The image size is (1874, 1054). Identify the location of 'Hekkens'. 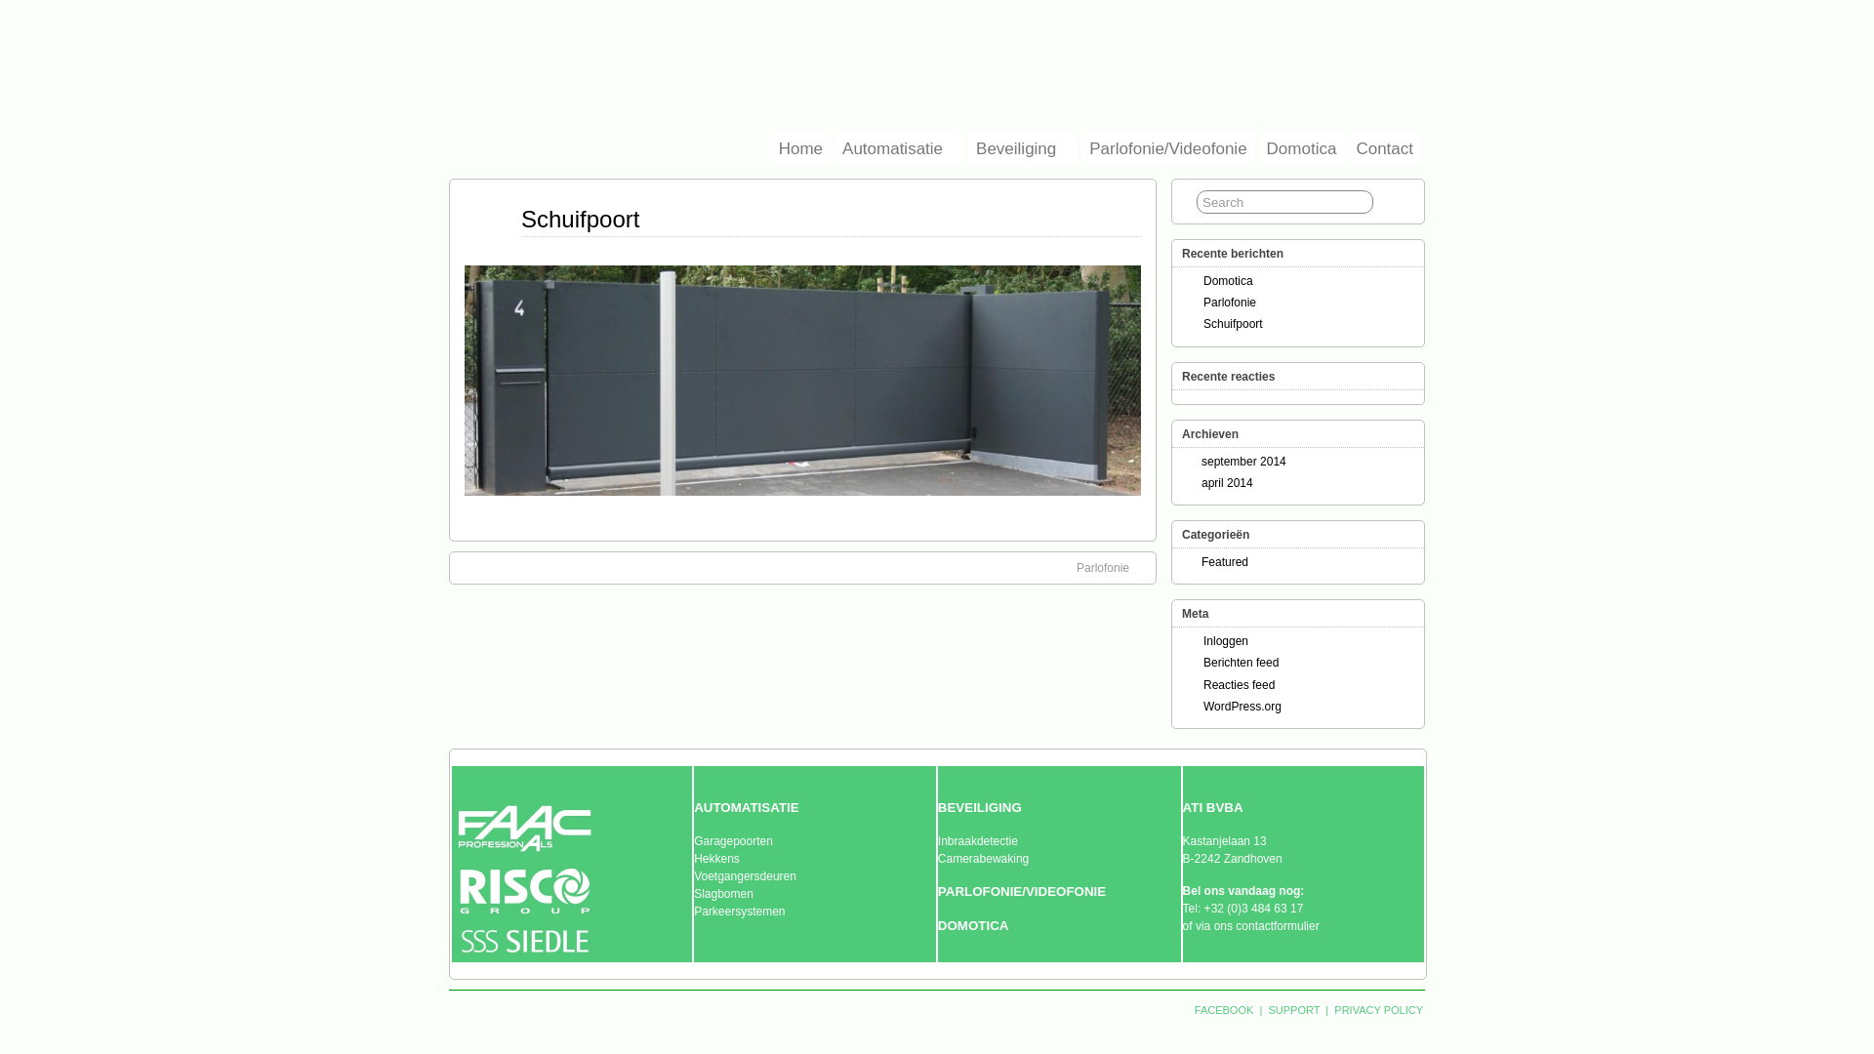
(693, 857).